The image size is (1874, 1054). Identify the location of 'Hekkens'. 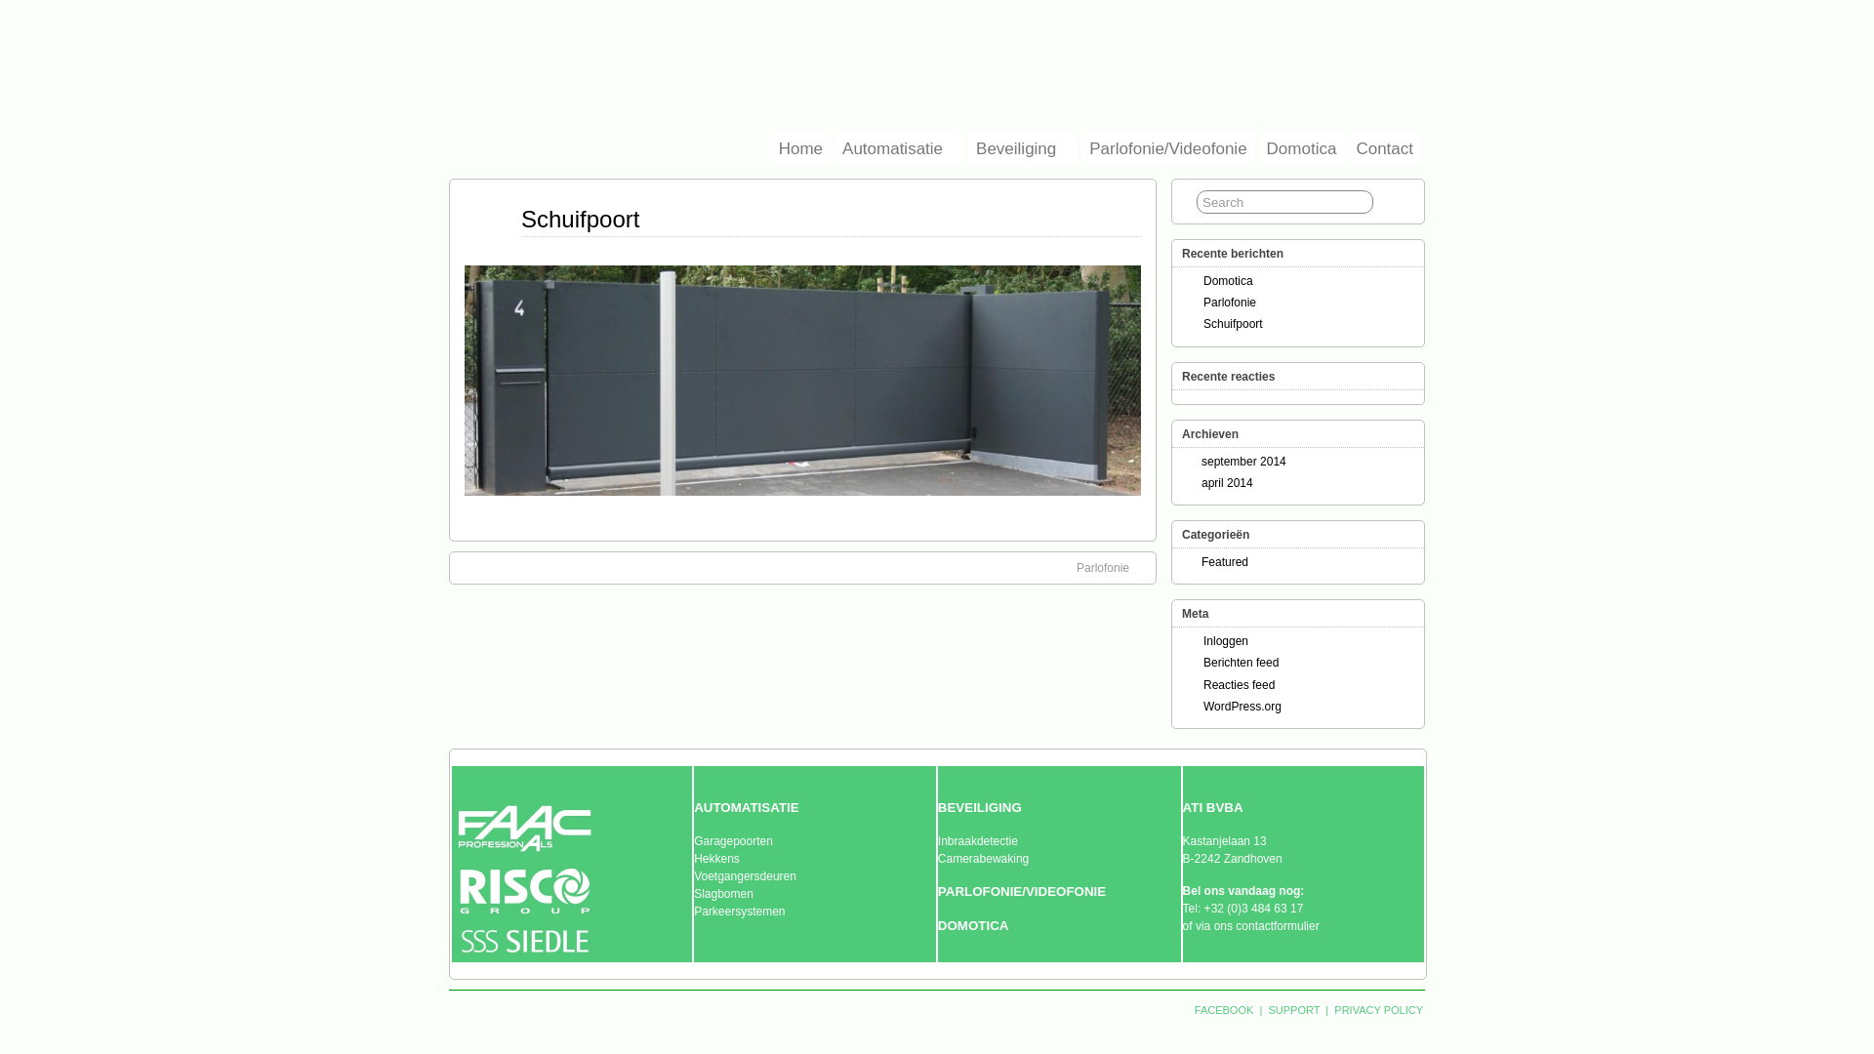
(693, 857).